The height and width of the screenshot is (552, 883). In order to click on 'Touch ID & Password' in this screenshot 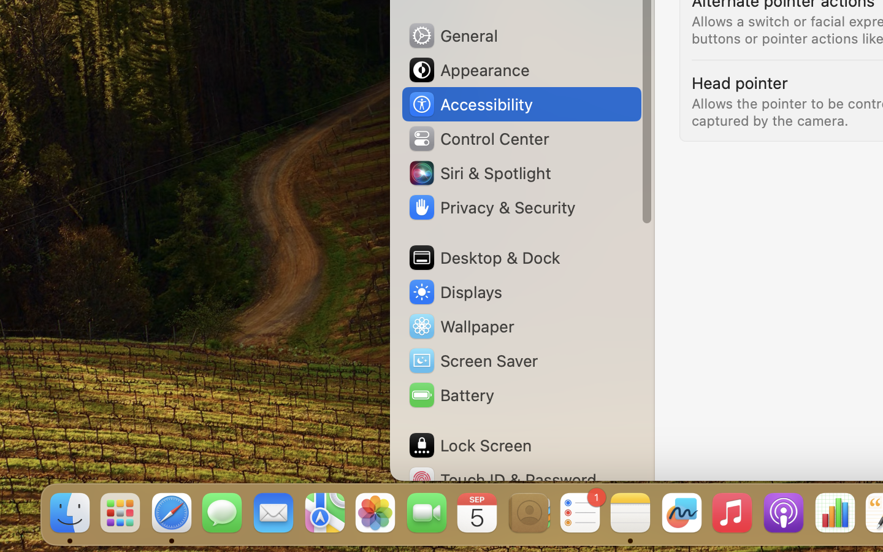, I will do `click(502, 479)`.